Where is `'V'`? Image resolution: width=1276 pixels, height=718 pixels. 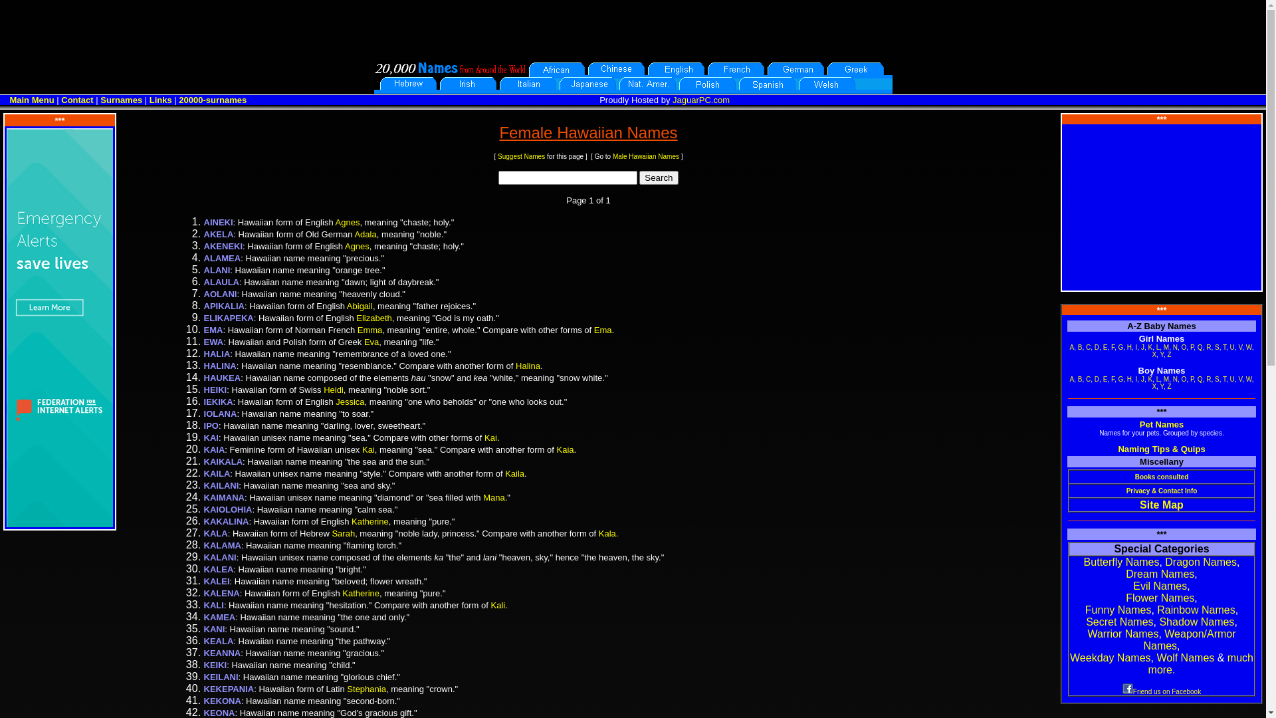 'V' is located at coordinates (1239, 379).